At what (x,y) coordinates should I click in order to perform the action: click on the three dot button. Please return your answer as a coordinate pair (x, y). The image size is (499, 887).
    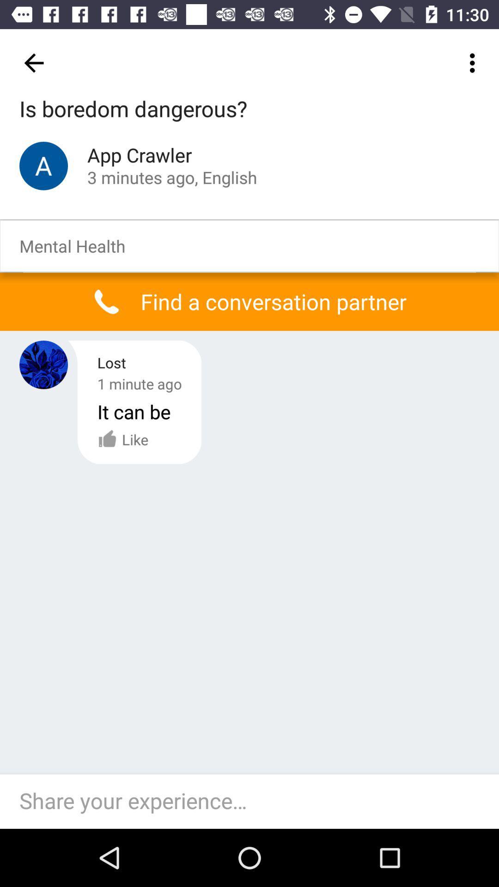
    Looking at the image, I should click on (475, 63).